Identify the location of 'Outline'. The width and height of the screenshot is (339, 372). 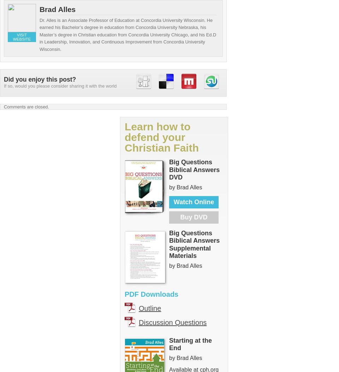
(150, 308).